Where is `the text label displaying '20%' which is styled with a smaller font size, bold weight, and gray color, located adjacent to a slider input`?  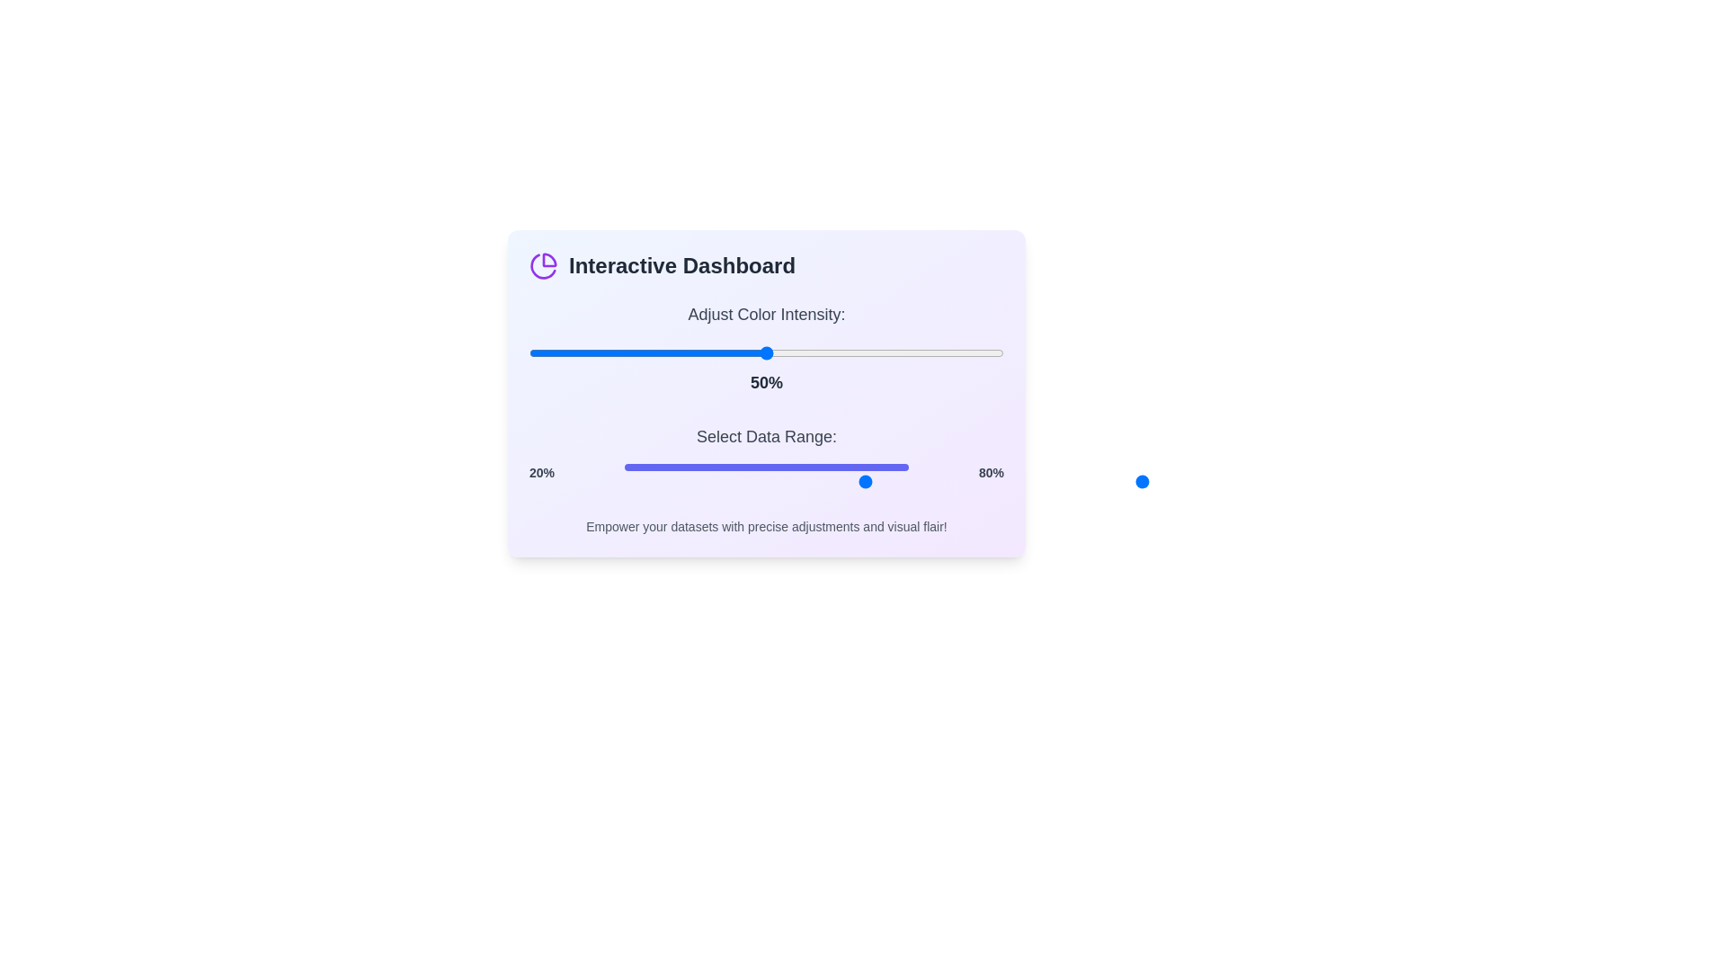
the text label displaying '20%' which is styled with a smaller font size, bold weight, and gray color, located adjacent to a slider input is located at coordinates (541, 471).